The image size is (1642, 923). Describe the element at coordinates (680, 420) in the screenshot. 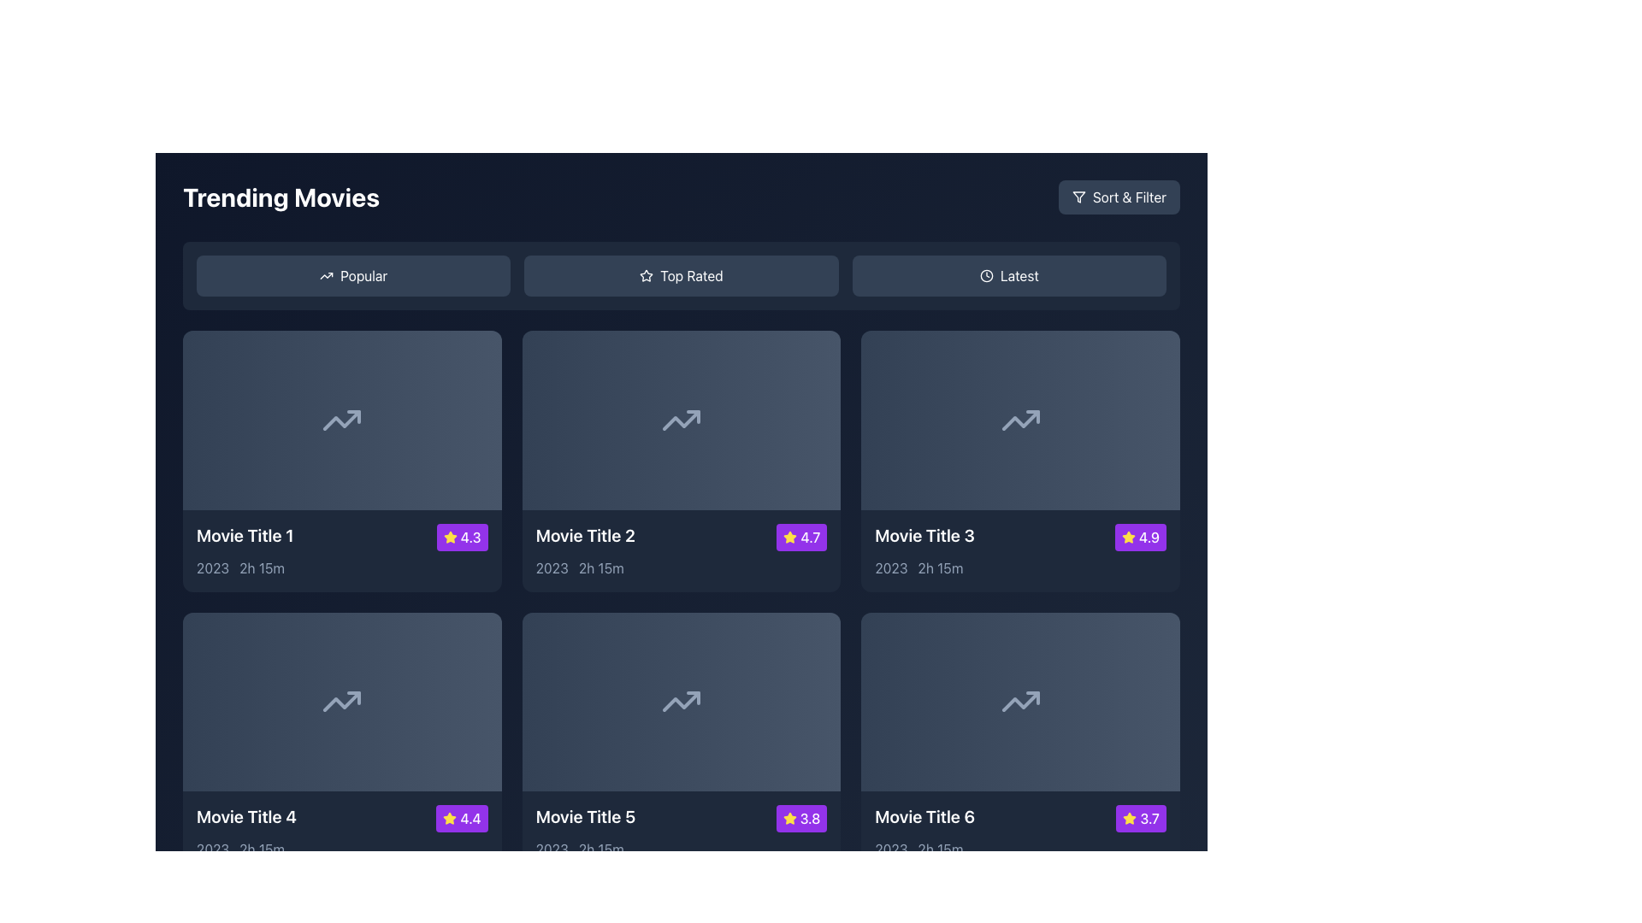

I see `the trending icon located in the second box from the left in the top row of the grid under the 'Trending Movies' section, which is associated with 'Movie Title 2.'` at that location.